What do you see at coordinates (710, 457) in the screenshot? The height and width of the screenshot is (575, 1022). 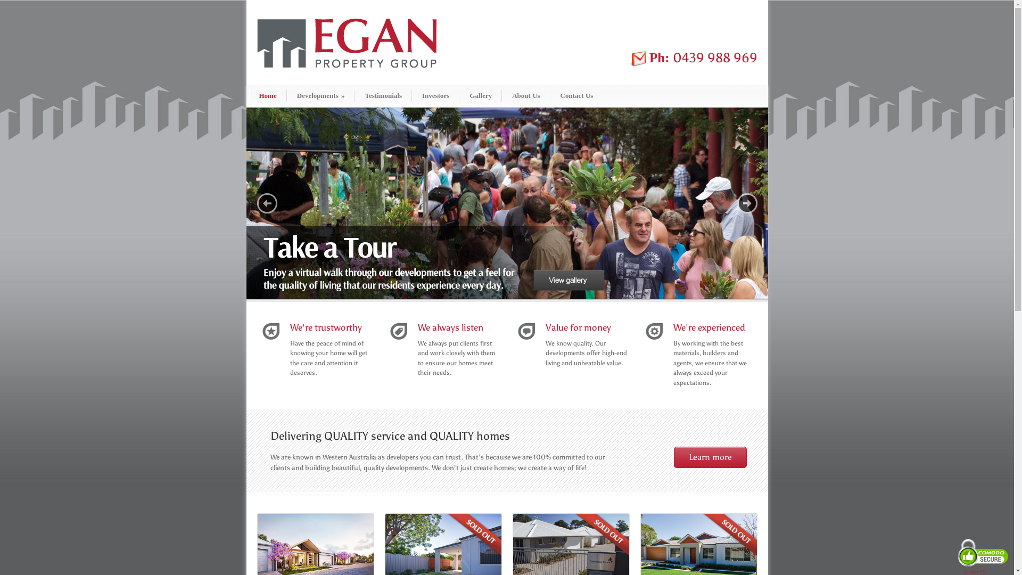 I see `'Learn more'` at bounding box center [710, 457].